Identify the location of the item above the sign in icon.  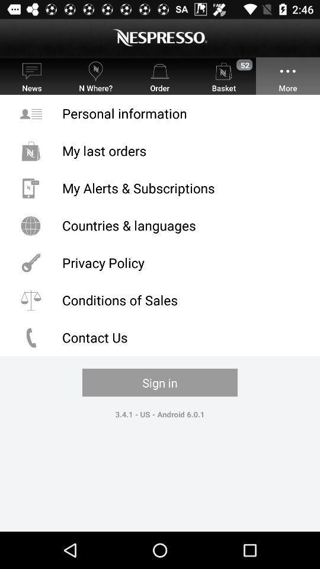
(160, 337).